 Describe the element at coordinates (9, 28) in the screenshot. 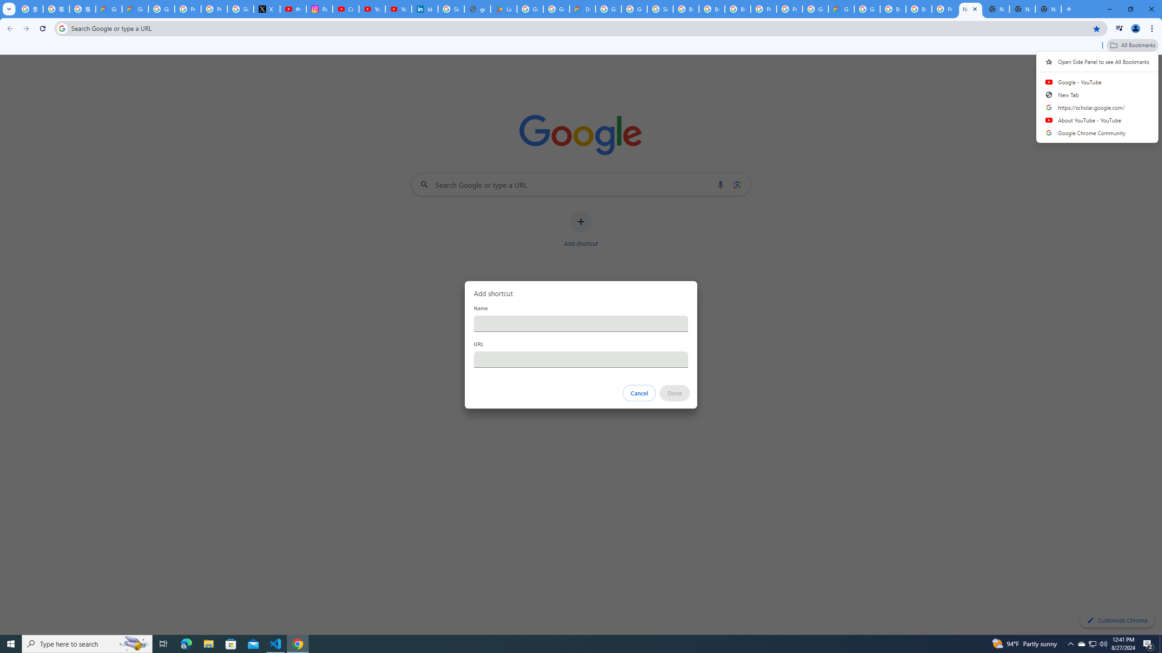

I see `'Back'` at that location.